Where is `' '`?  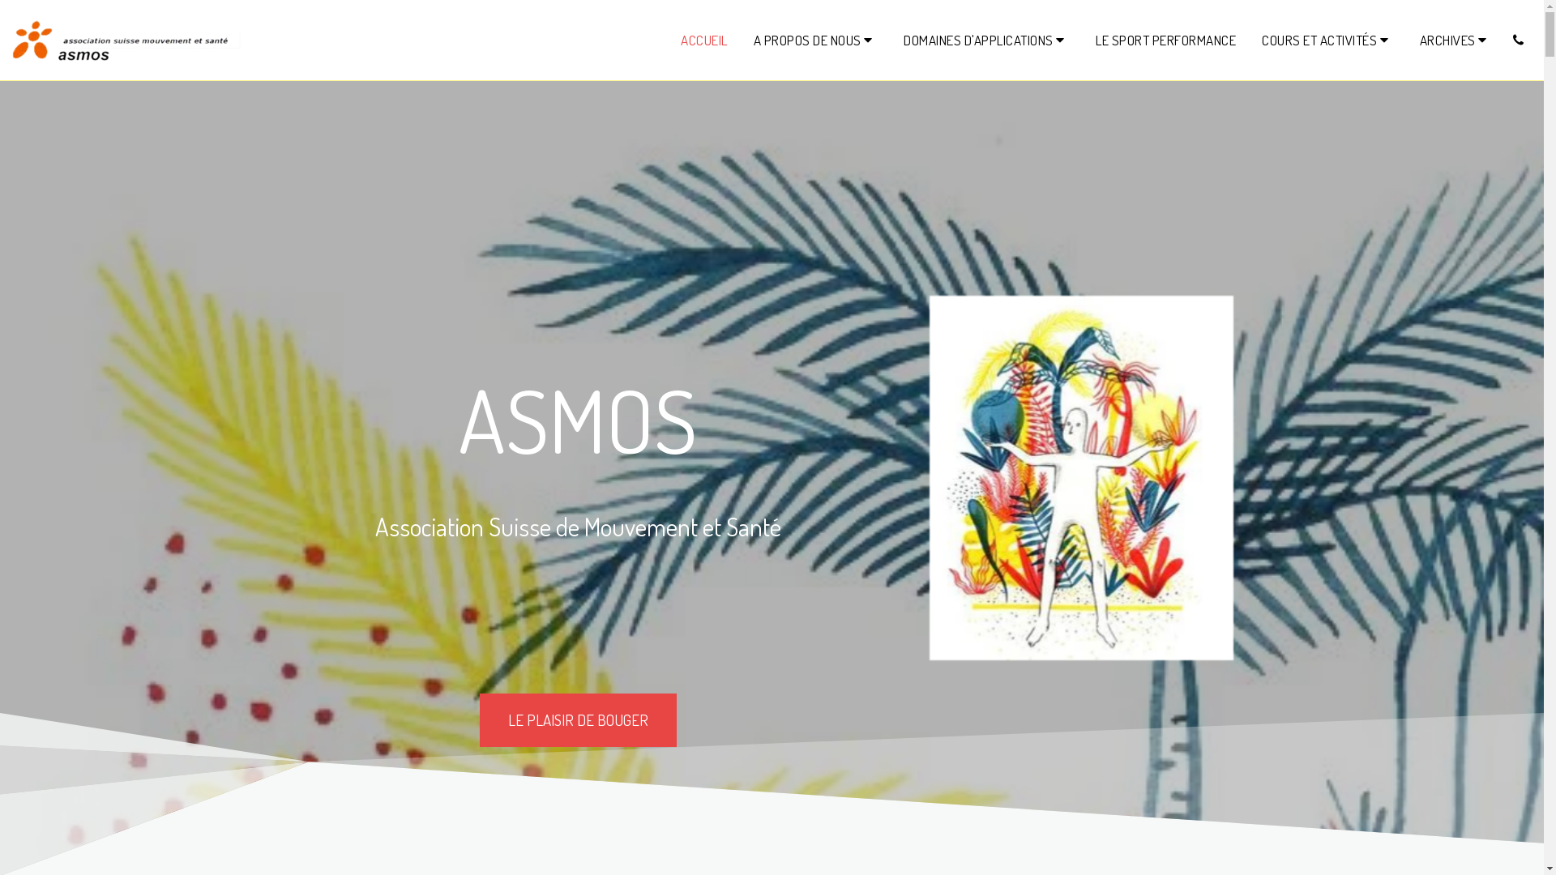
' ' is located at coordinates (1517, 39).